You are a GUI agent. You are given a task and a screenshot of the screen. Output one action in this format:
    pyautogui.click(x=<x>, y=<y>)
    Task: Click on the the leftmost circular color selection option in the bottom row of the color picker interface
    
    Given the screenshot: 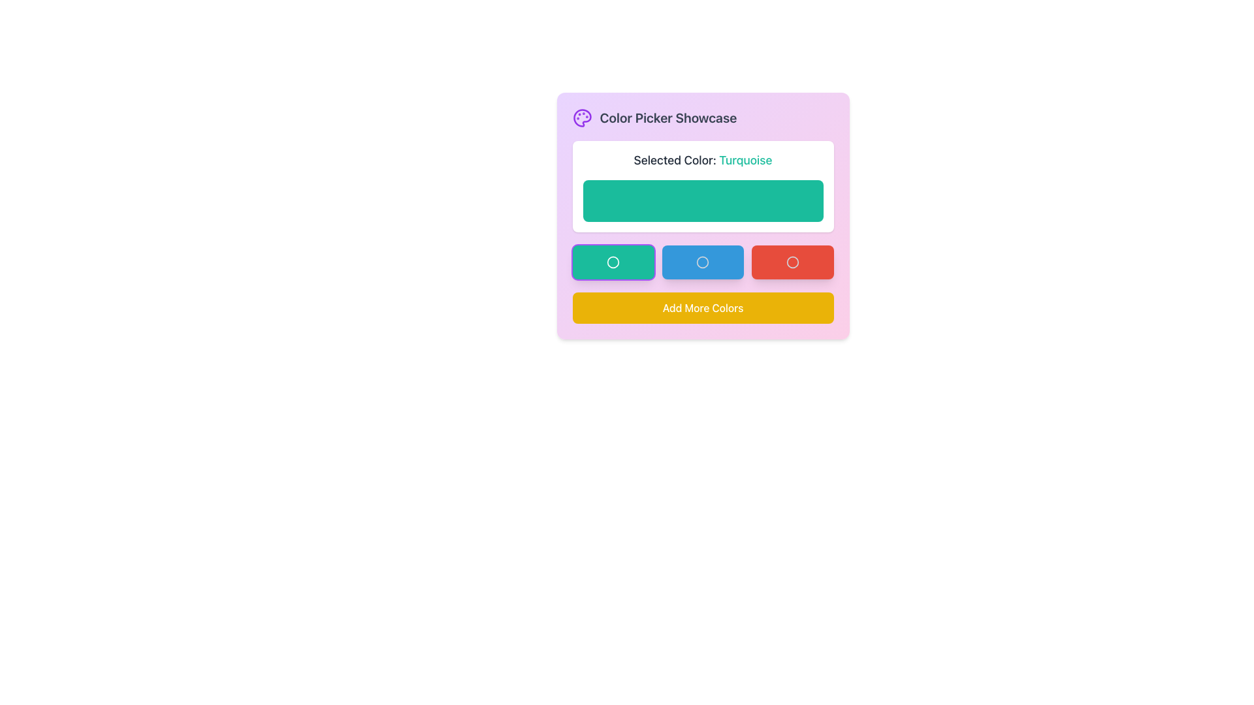 What is the action you would take?
    pyautogui.click(x=613, y=262)
    